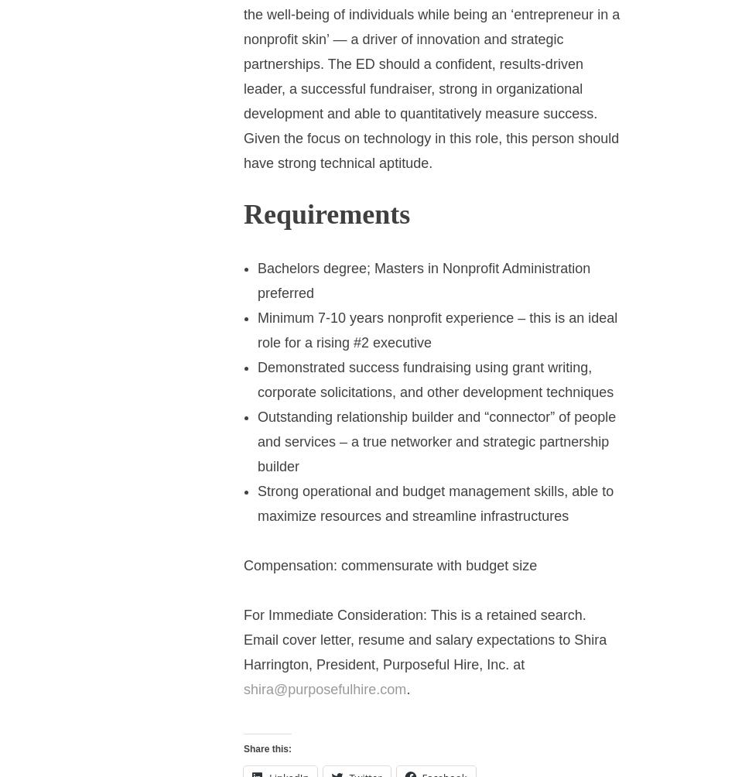 Image resolution: width=735 pixels, height=777 pixels. Describe the element at coordinates (266, 748) in the screenshot. I see `'Share this:'` at that location.